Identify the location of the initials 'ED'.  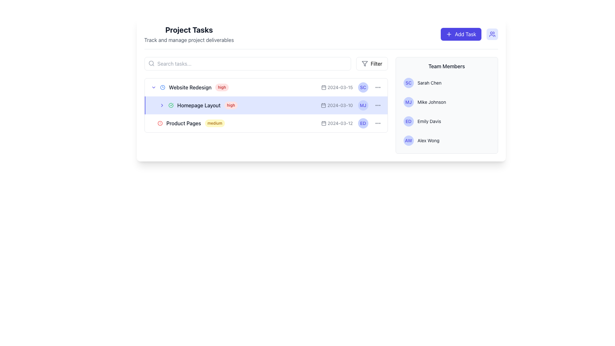
(351, 123).